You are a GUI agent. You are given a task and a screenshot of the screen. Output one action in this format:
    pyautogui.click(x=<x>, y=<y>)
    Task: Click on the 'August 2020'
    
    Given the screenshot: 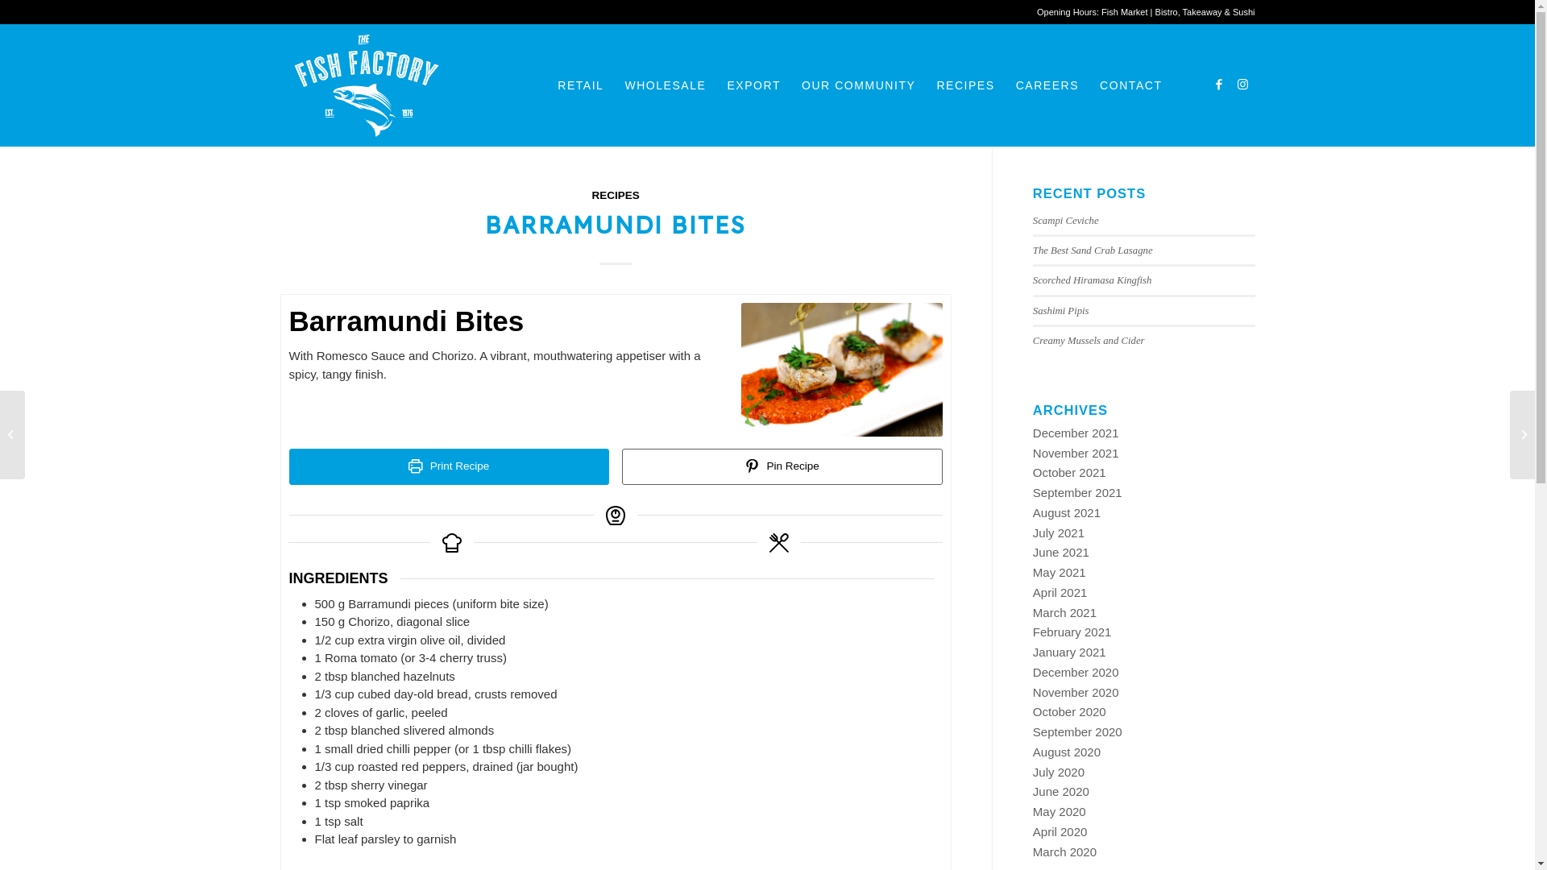 What is the action you would take?
    pyautogui.click(x=1067, y=752)
    